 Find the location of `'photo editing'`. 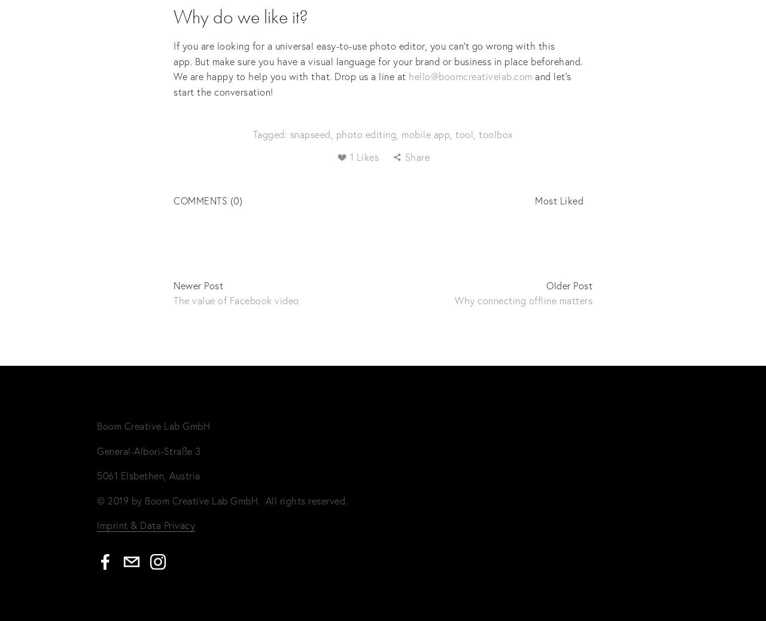

'photo editing' is located at coordinates (365, 134).